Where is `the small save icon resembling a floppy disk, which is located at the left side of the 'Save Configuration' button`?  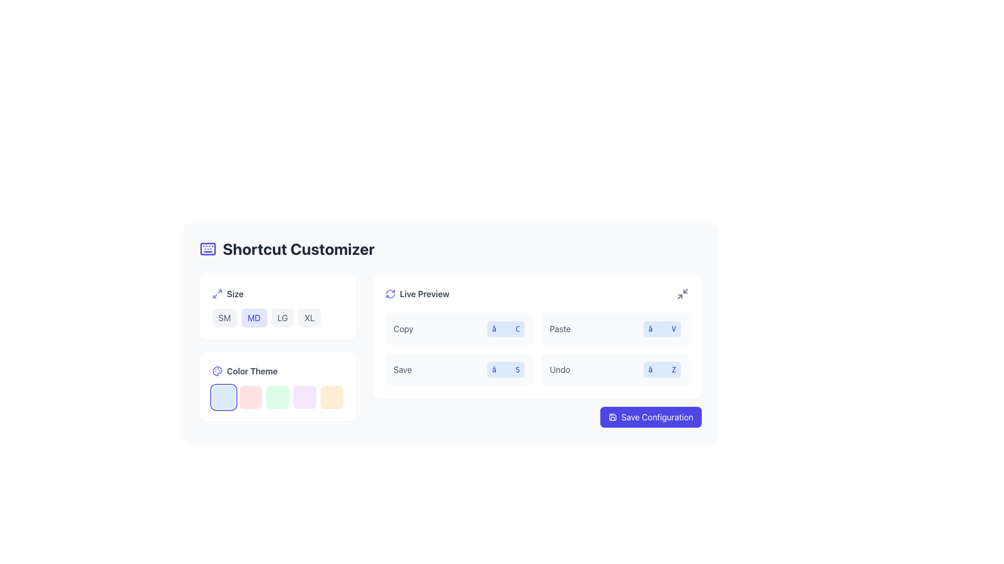 the small save icon resembling a floppy disk, which is located at the left side of the 'Save Configuration' button is located at coordinates (613, 416).